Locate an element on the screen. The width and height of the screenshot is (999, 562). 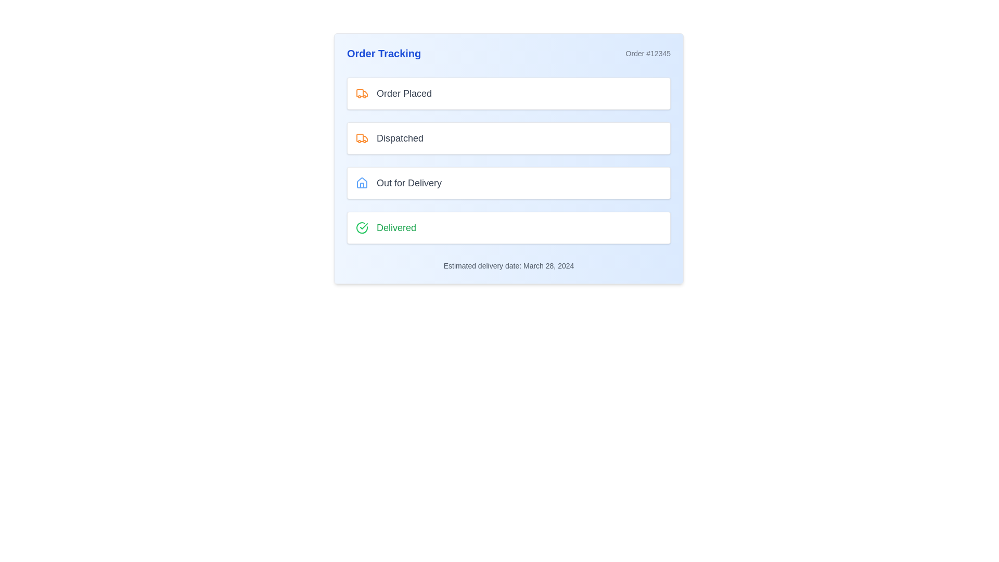
the status indicated by the green checkmark icon, which is the first element on the left within the 'Delivered' status indicator block at the bottom of the order tracking steps list is located at coordinates (362, 227).